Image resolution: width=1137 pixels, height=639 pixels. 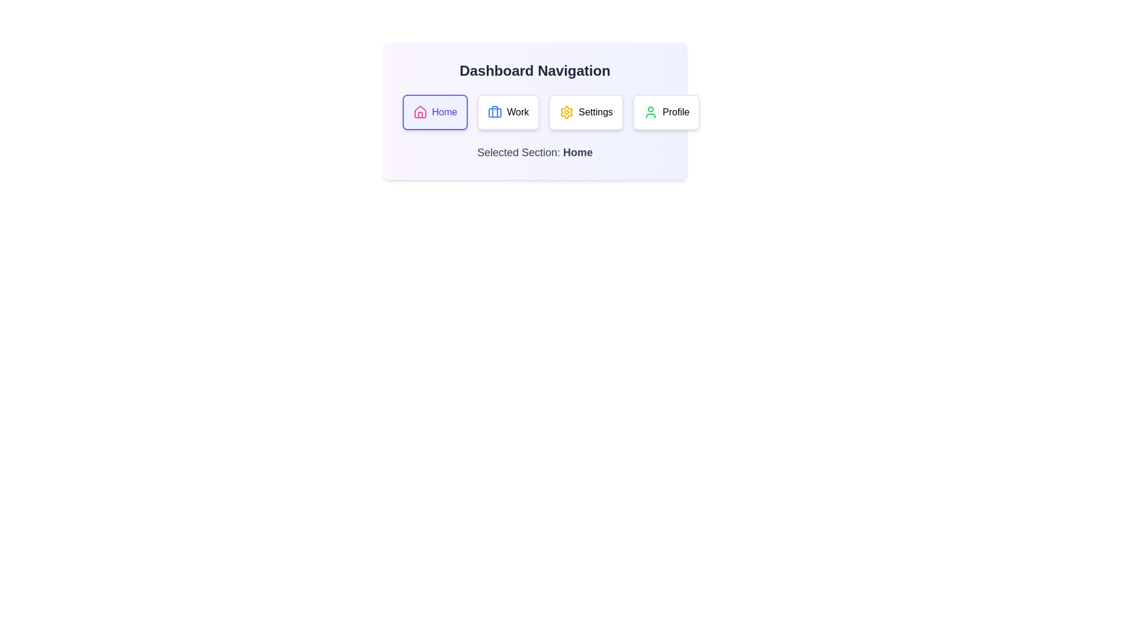 What do you see at coordinates (420, 112) in the screenshot?
I see `the 'Home' SVG Icon in the top-left corner of the navigation bar, which serves as a link to the main page of the application` at bounding box center [420, 112].